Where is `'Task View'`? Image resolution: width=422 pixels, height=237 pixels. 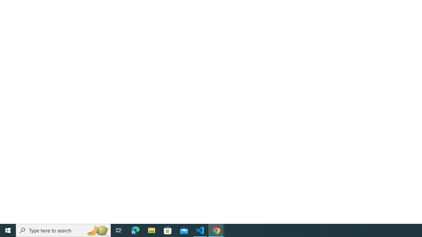
'Task View' is located at coordinates (118, 230).